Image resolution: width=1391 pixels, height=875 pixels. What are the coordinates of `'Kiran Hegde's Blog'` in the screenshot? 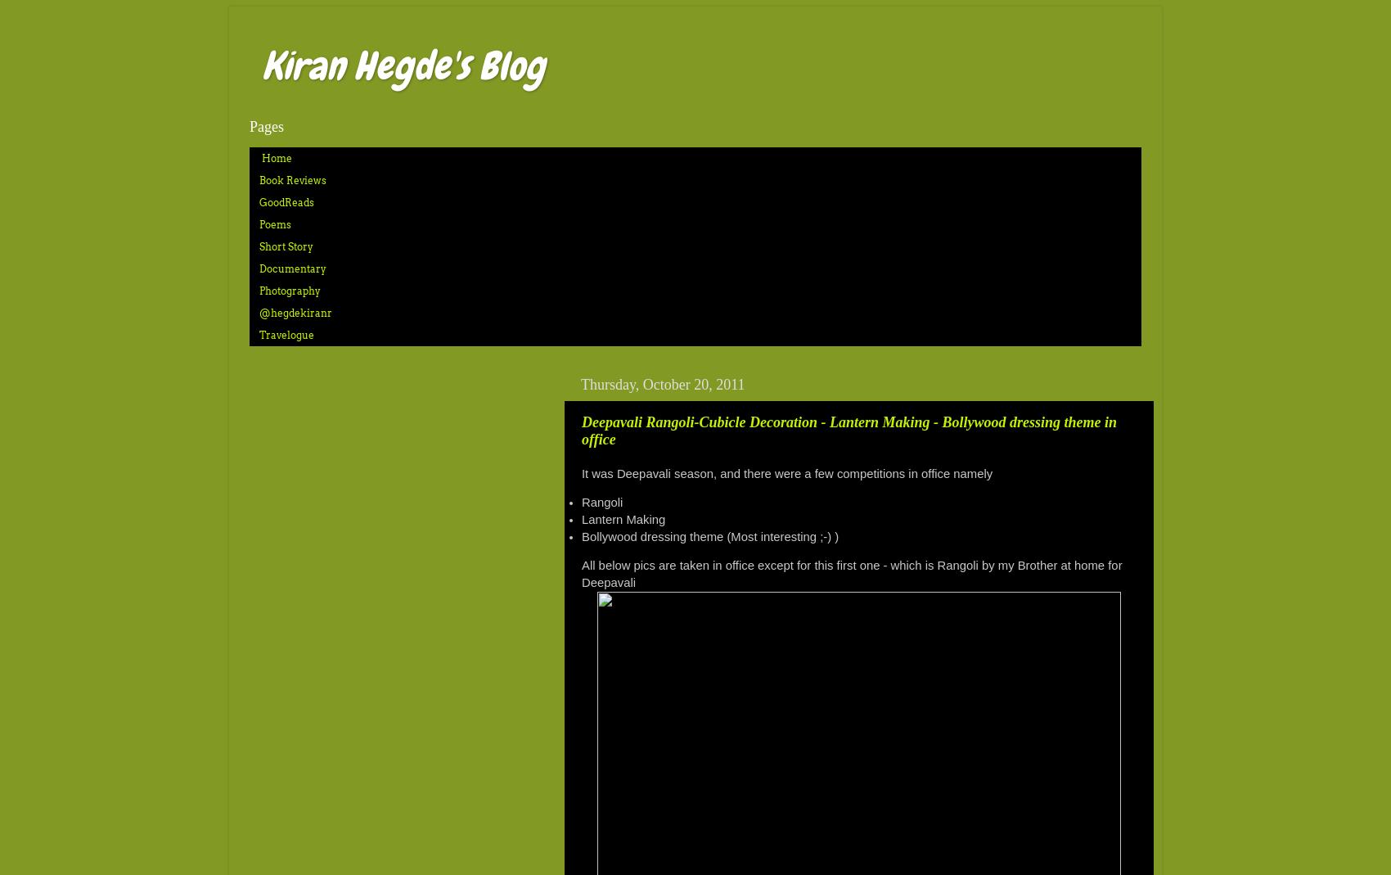 It's located at (403, 65).